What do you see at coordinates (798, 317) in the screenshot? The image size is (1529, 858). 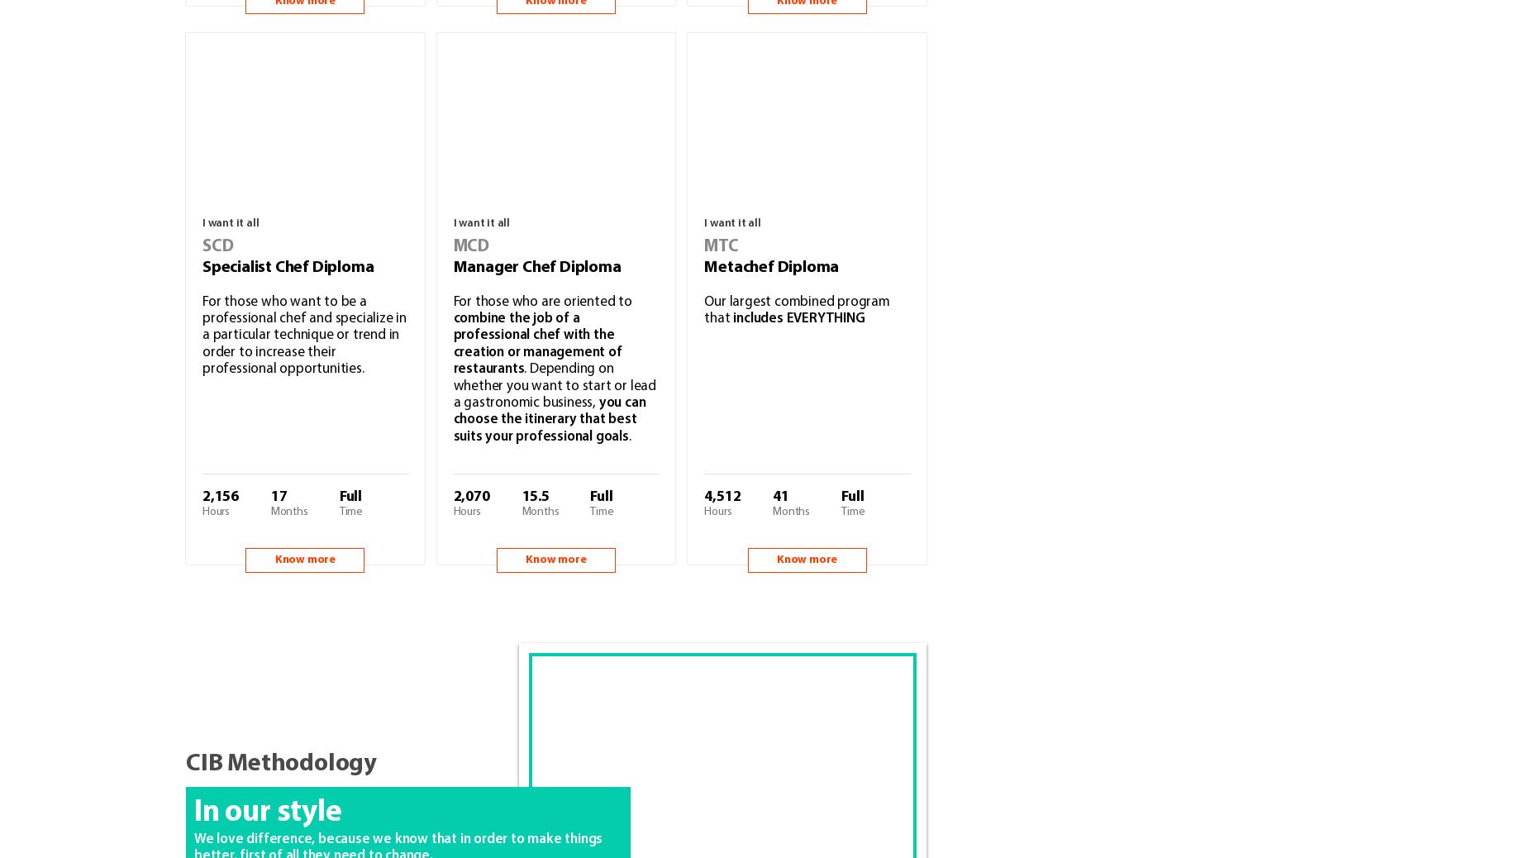 I see `'includes EVERYTHING'` at bounding box center [798, 317].